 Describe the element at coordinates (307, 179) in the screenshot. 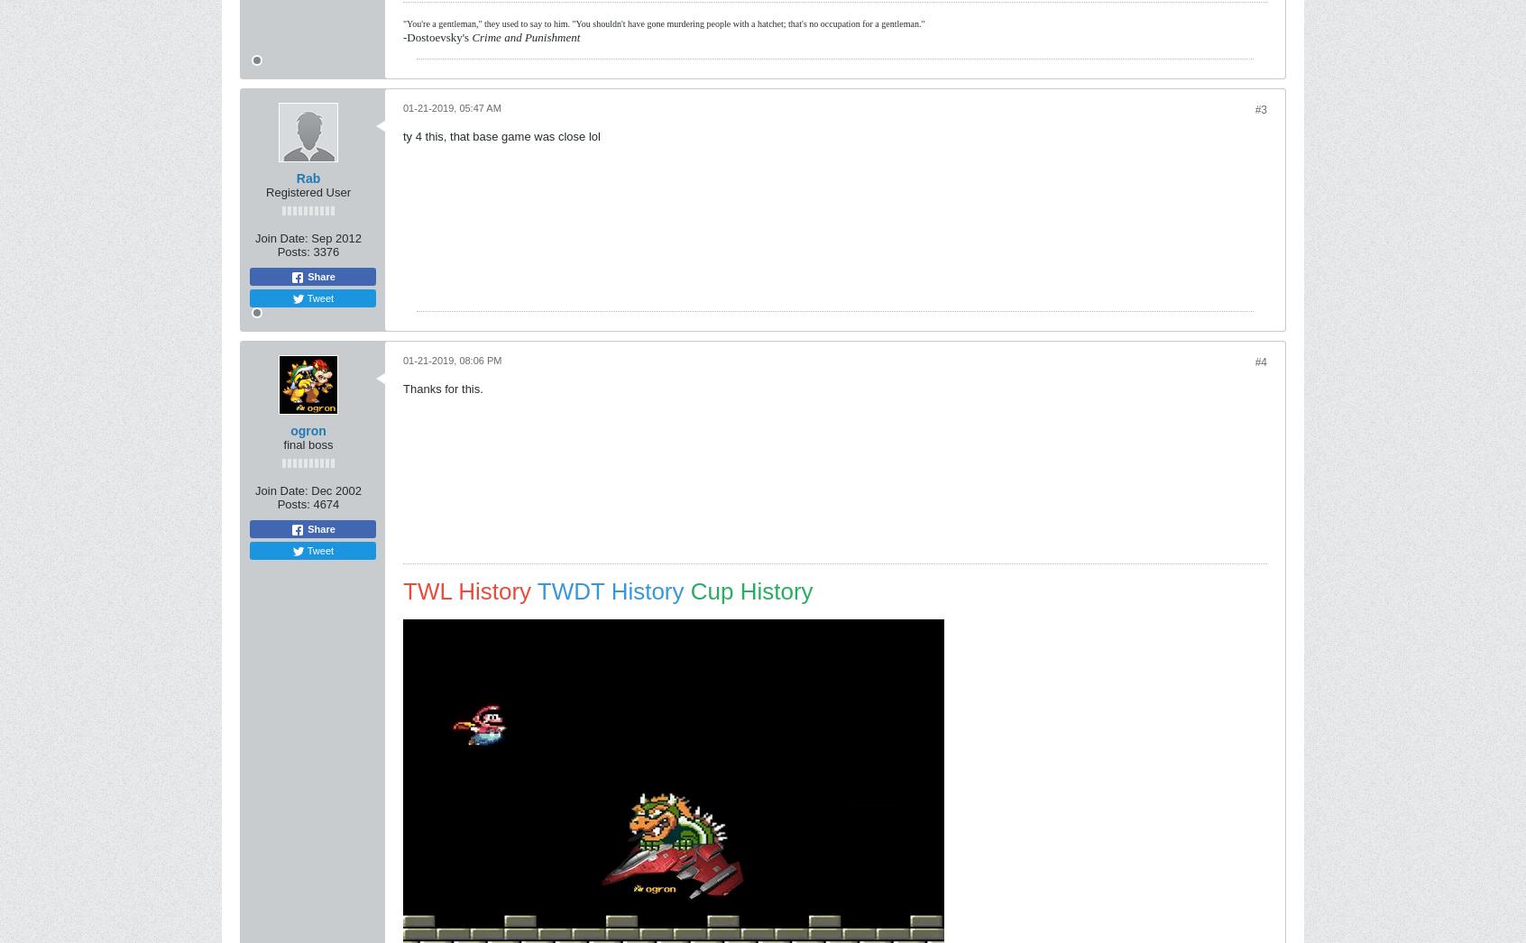

I see `'Rab'` at that location.